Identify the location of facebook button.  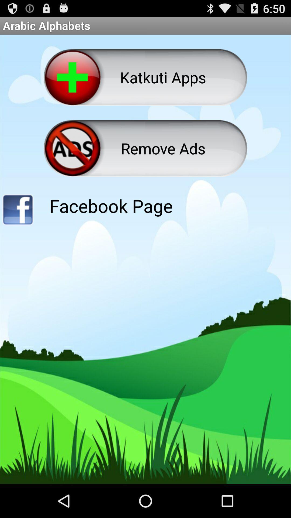
(17, 211).